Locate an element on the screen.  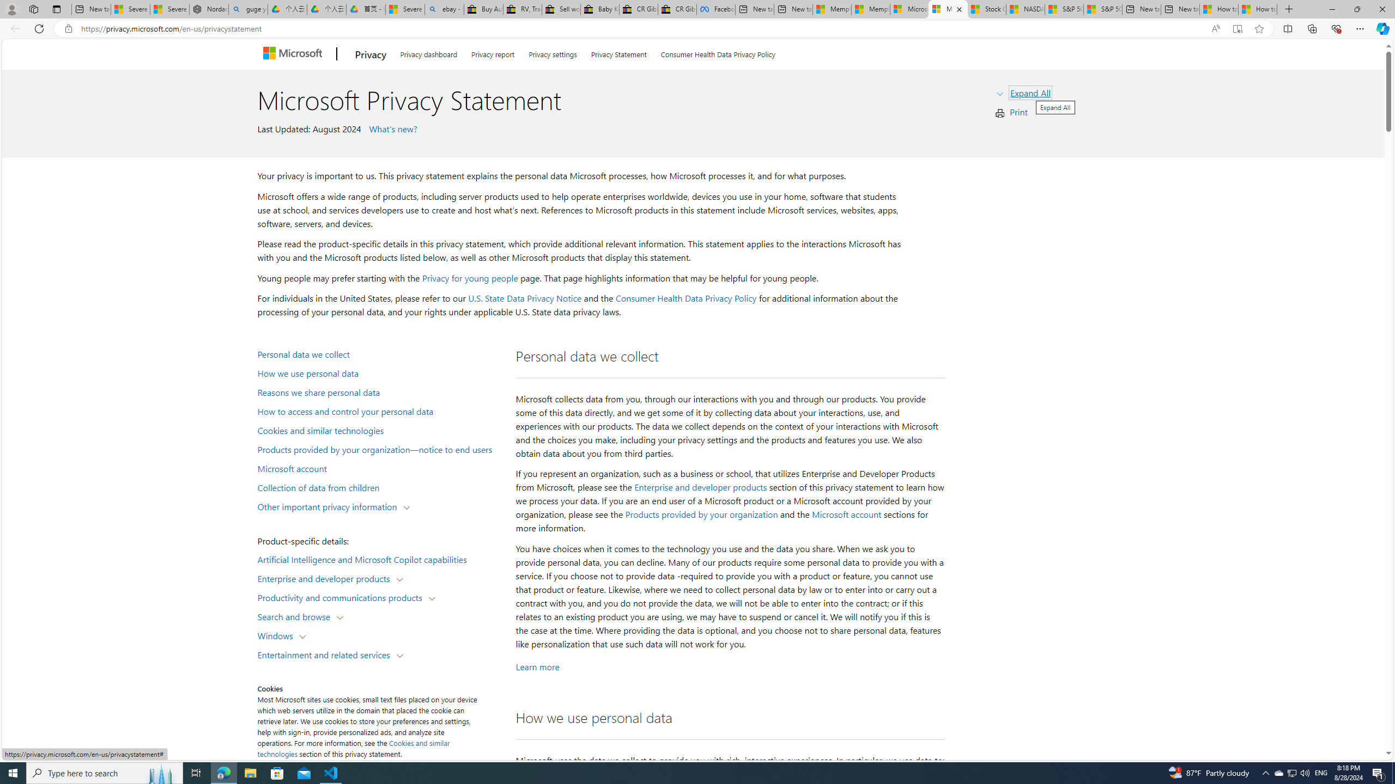
'Microsoft account' is located at coordinates (846, 514).